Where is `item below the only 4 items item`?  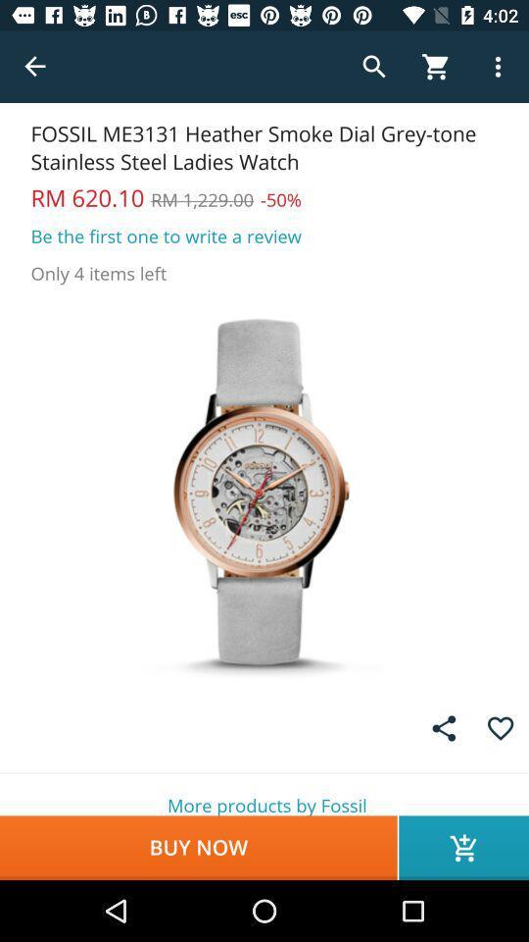
item below the only 4 items item is located at coordinates (264, 491).